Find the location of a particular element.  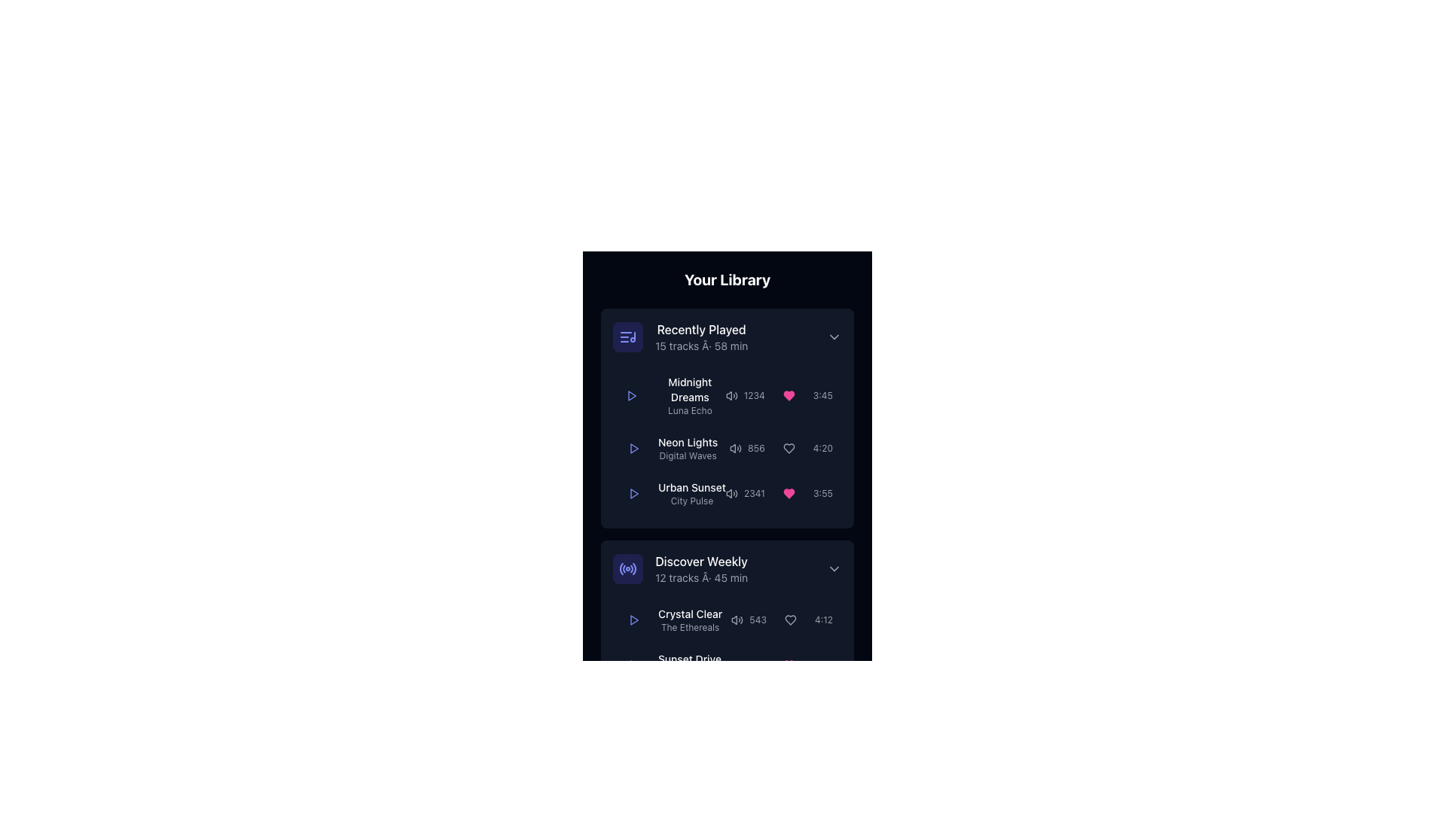

the play button located to the left of the 'Neon Lights' song title within the 'Recently Played' section of 'Your Library' for keyboard interaction is located at coordinates (633, 394).